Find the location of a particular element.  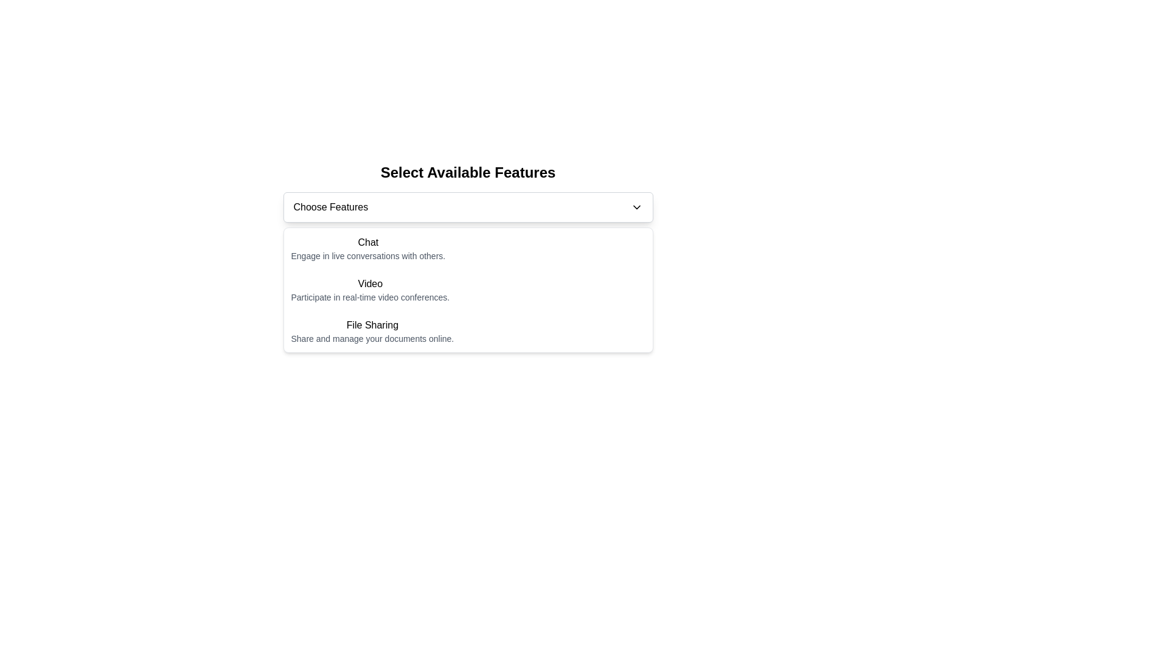

the third item in the selectable list, which describes a feature related to managing and sharing documents online is located at coordinates (372, 331).